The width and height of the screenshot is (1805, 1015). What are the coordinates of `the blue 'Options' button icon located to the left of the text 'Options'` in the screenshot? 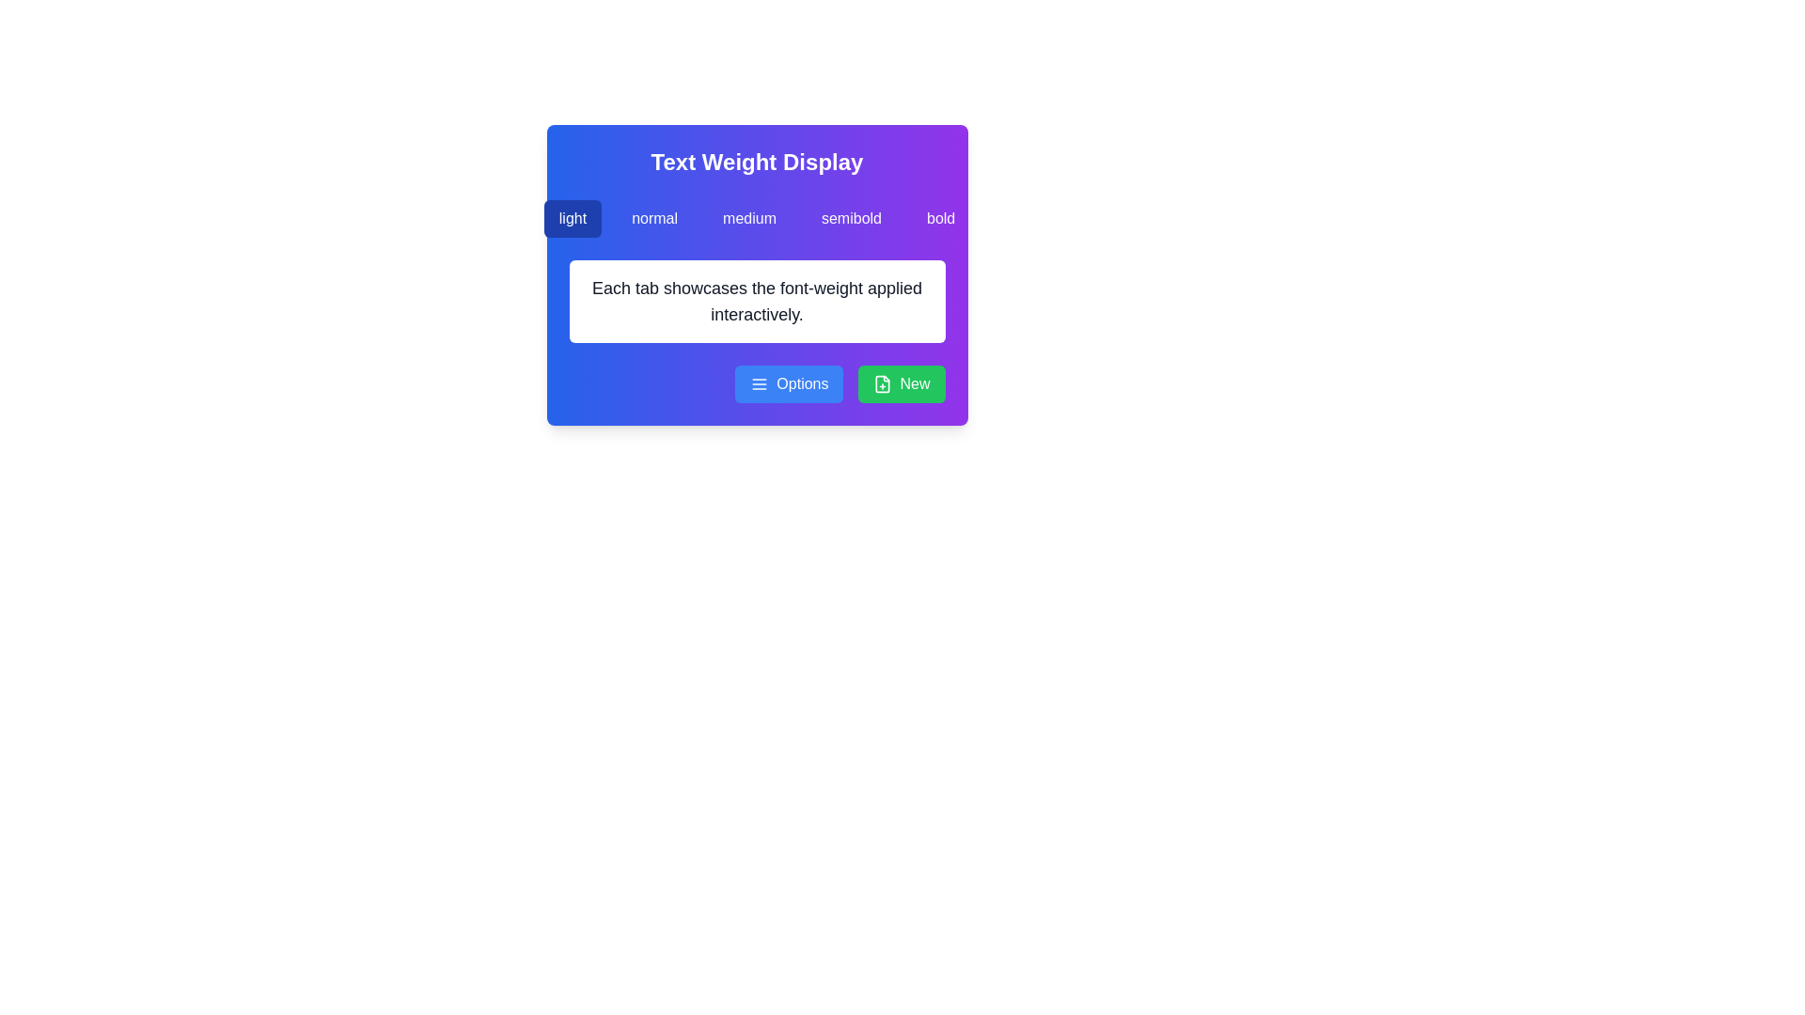 It's located at (760, 383).